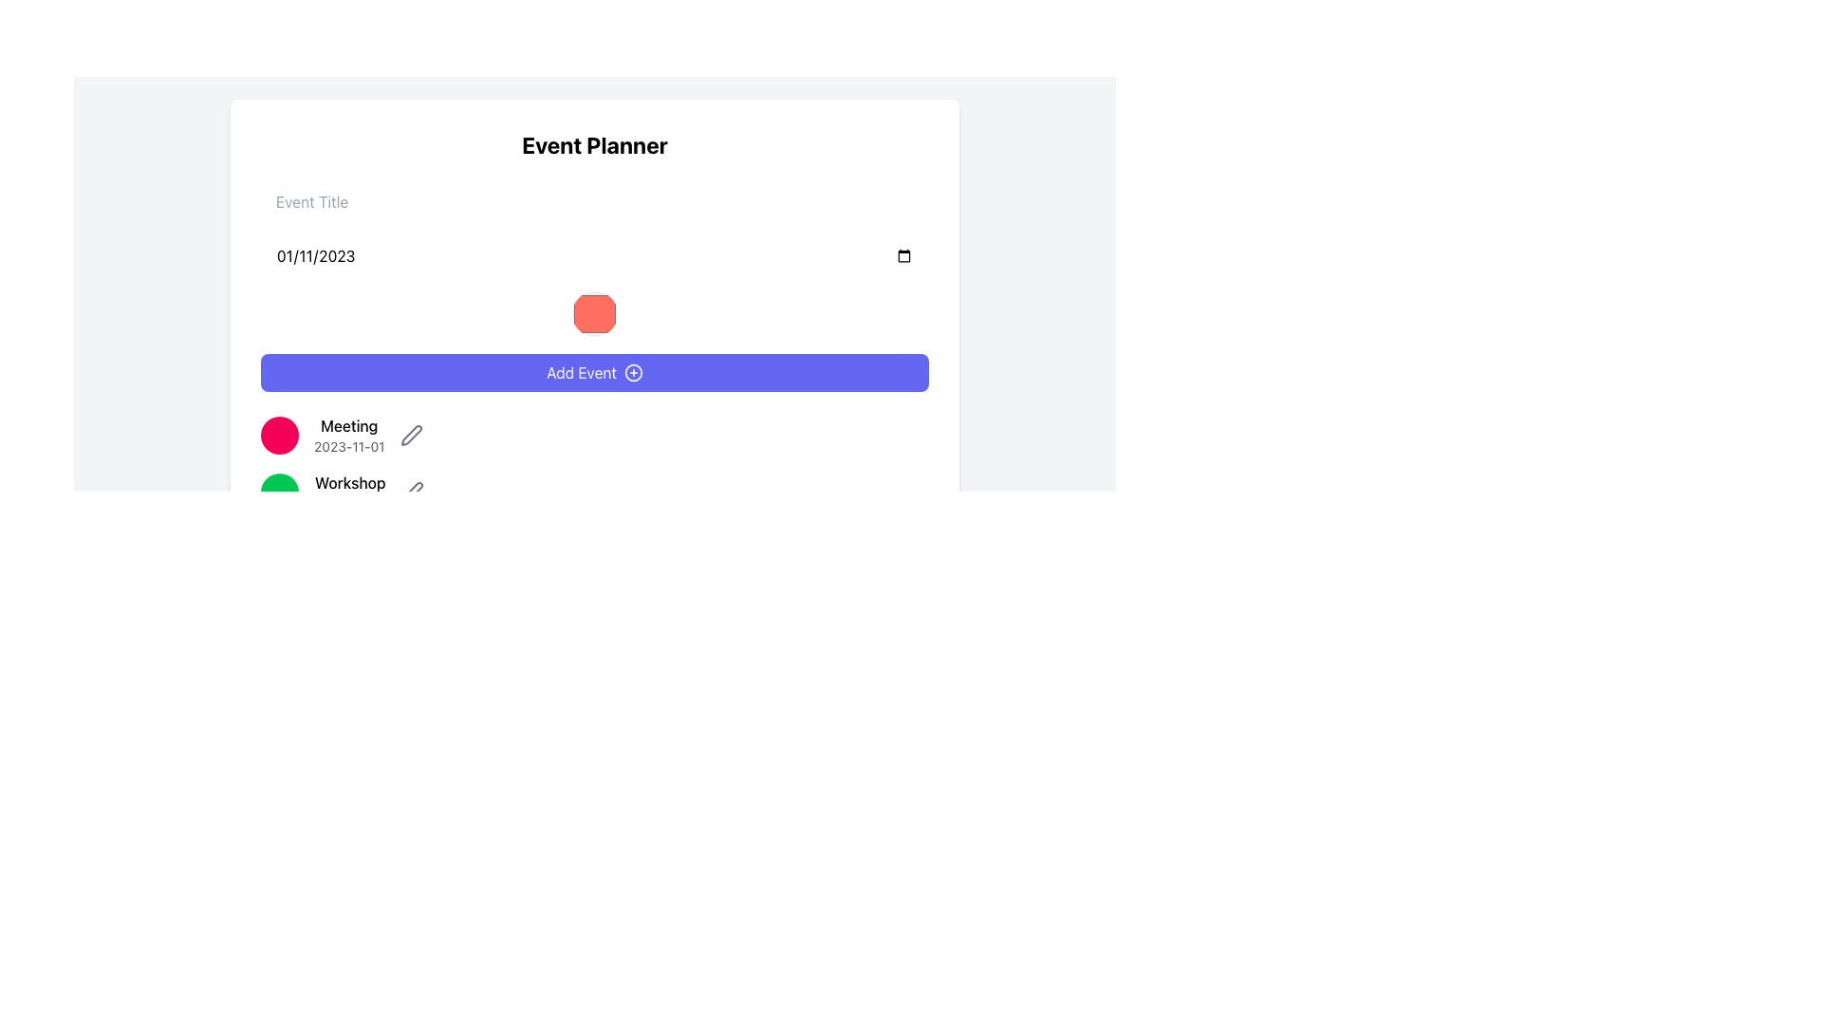 The height and width of the screenshot is (1025, 1822). What do you see at coordinates (633, 373) in the screenshot?
I see `'Add Event' icon (Circle with Plus Sign) for accessibility purposes, which is located to the right of the 'Add Event' text in the button` at bounding box center [633, 373].